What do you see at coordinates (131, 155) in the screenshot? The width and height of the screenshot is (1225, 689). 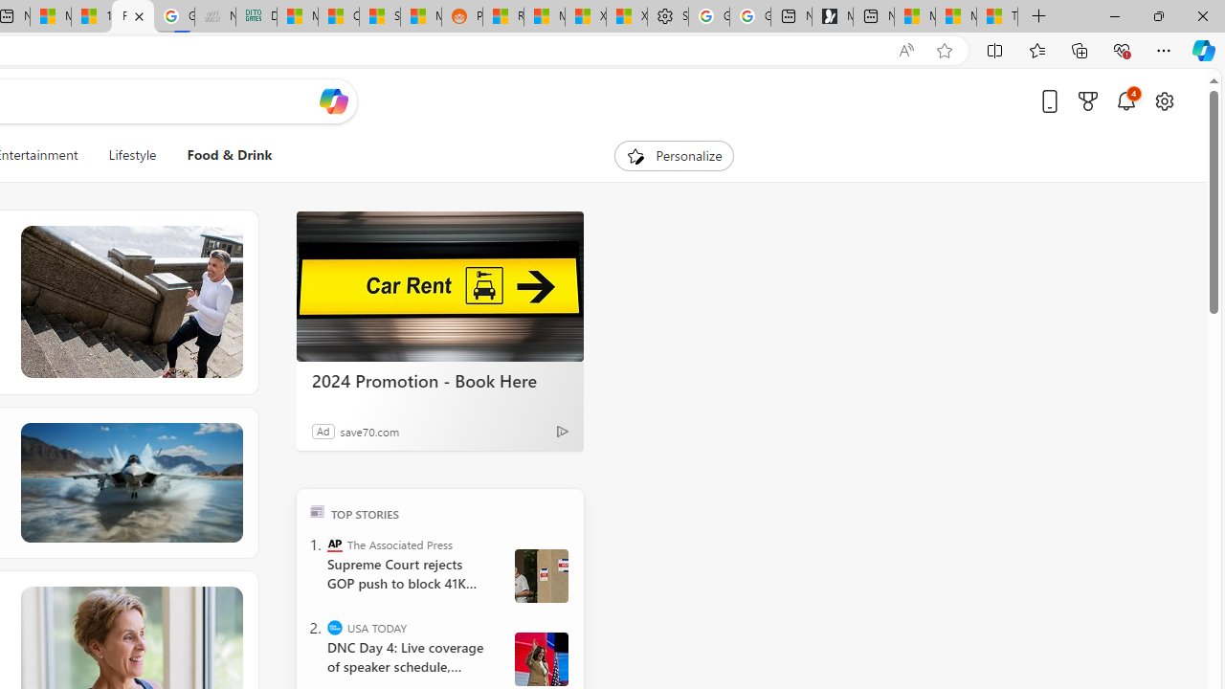 I see `'Lifestyle'` at bounding box center [131, 155].